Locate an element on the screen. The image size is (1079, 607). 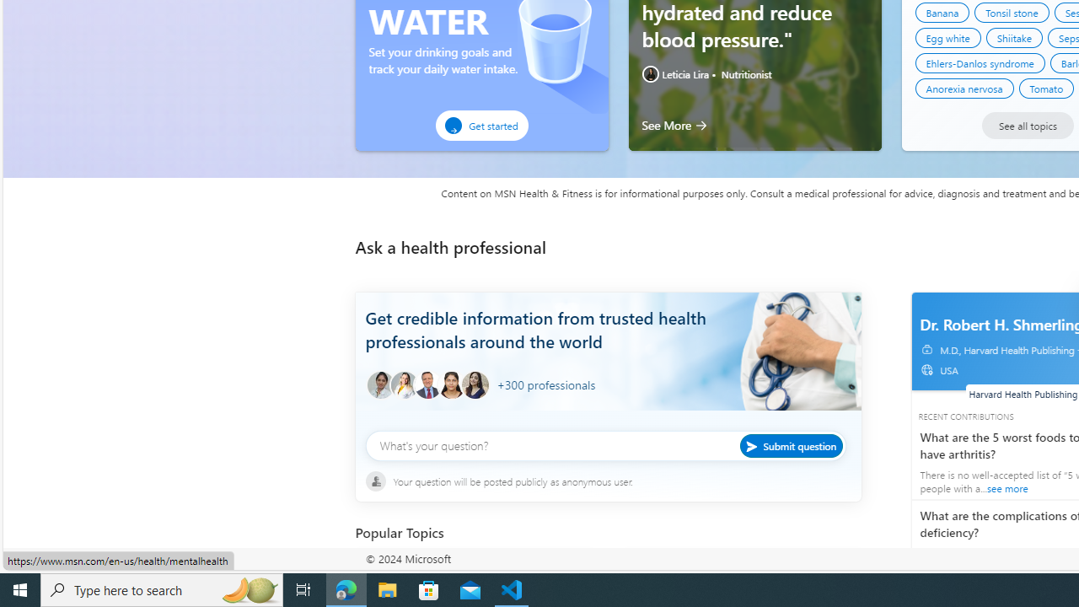
'Health professional icon' is located at coordinates (379, 385).